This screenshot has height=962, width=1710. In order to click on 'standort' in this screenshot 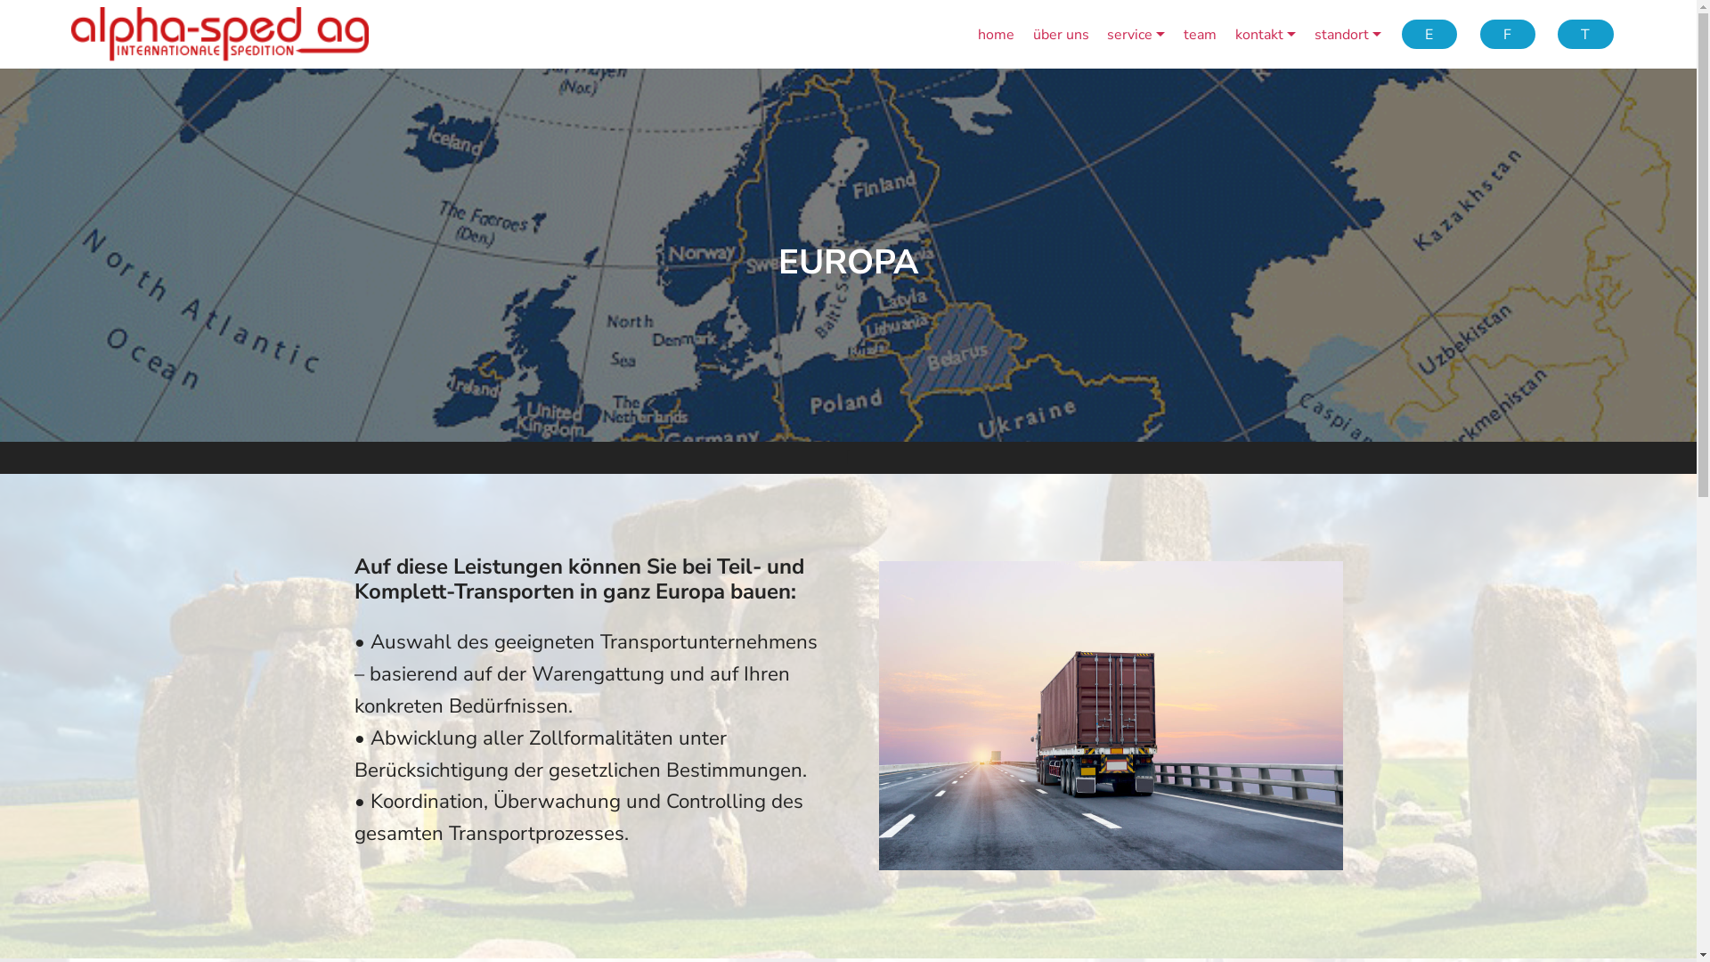, I will do `click(1315, 34)`.